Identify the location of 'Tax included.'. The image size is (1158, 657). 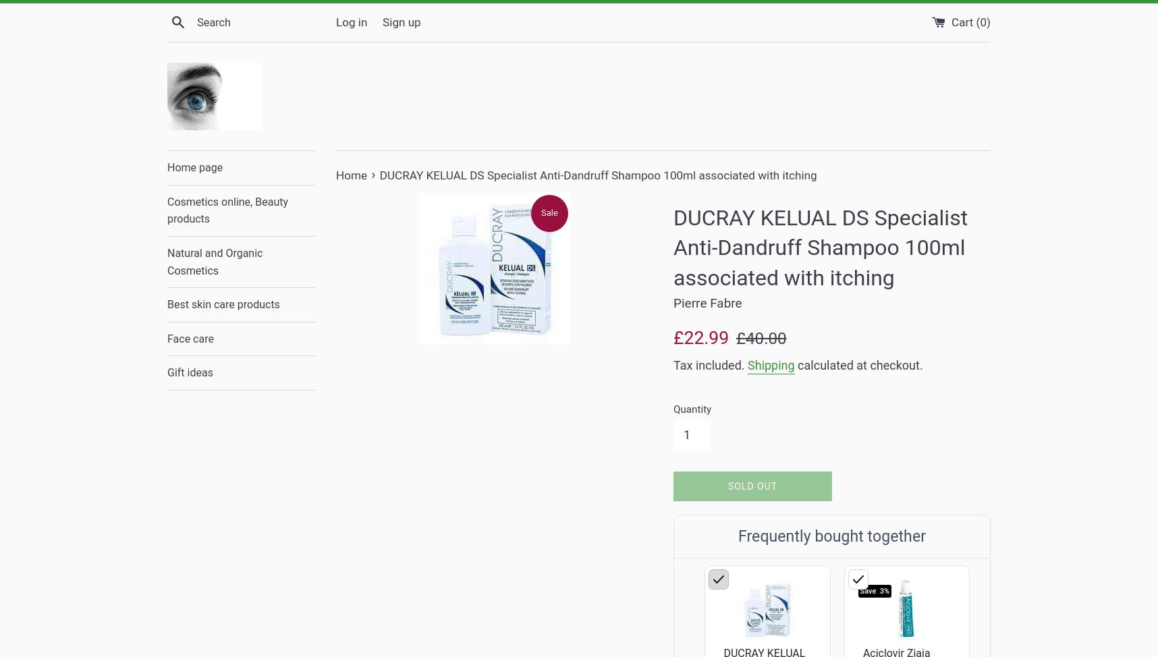
(710, 364).